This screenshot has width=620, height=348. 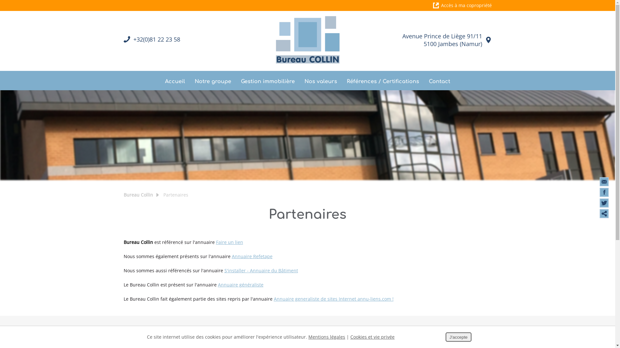 I want to click on 'Annuaire generaliste de sites Internet annu-liens.com !', so click(x=334, y=299).